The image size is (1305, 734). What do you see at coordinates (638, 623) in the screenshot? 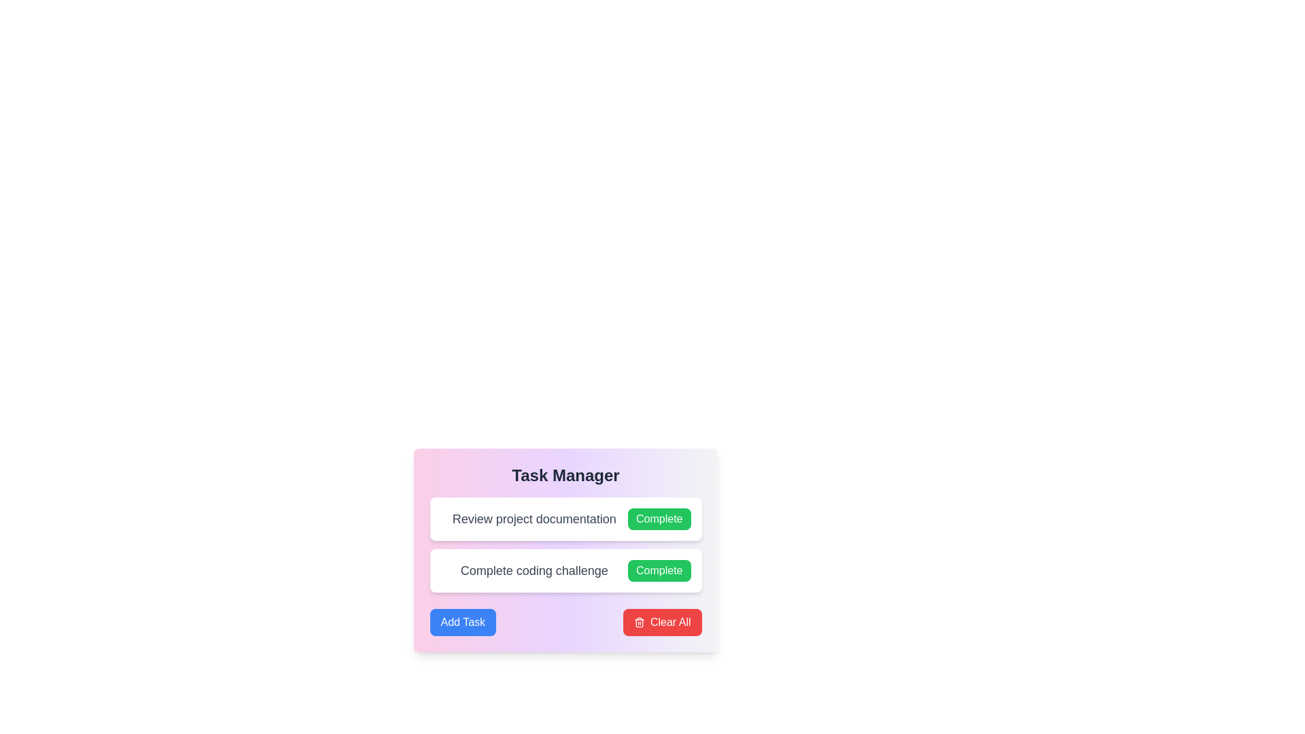
I see `the SVG Icon within the 'Clear All' button at the bottom-right corner of the task manager interface` at bounding box center [638, 623].